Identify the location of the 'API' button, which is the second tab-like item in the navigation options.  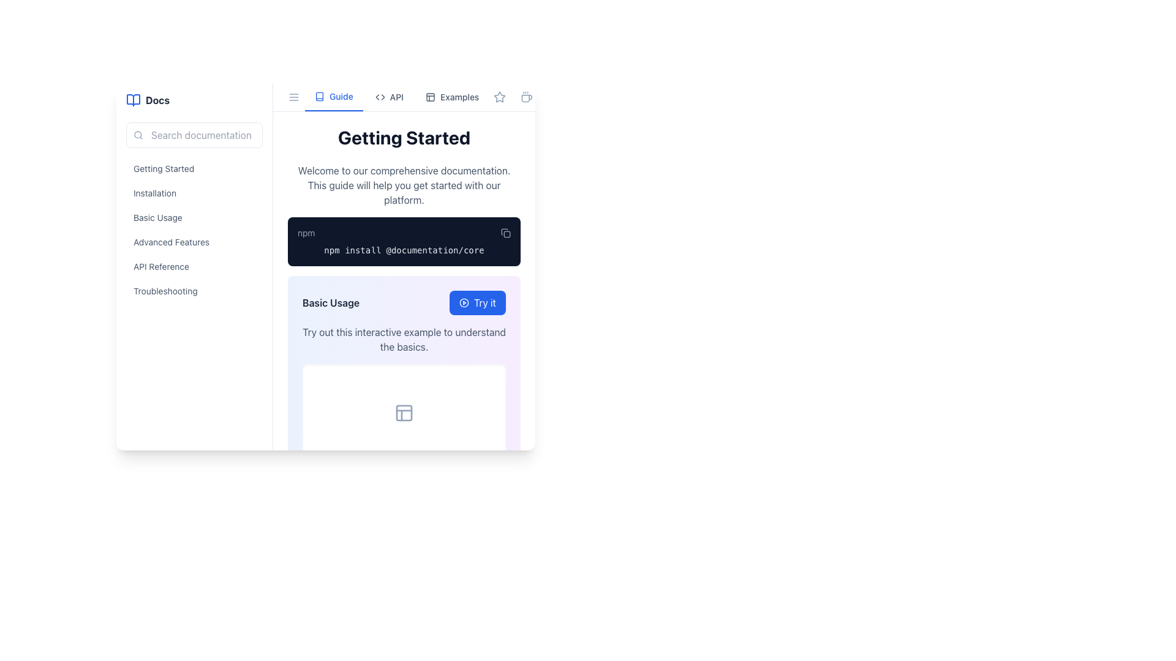
(388, 96).